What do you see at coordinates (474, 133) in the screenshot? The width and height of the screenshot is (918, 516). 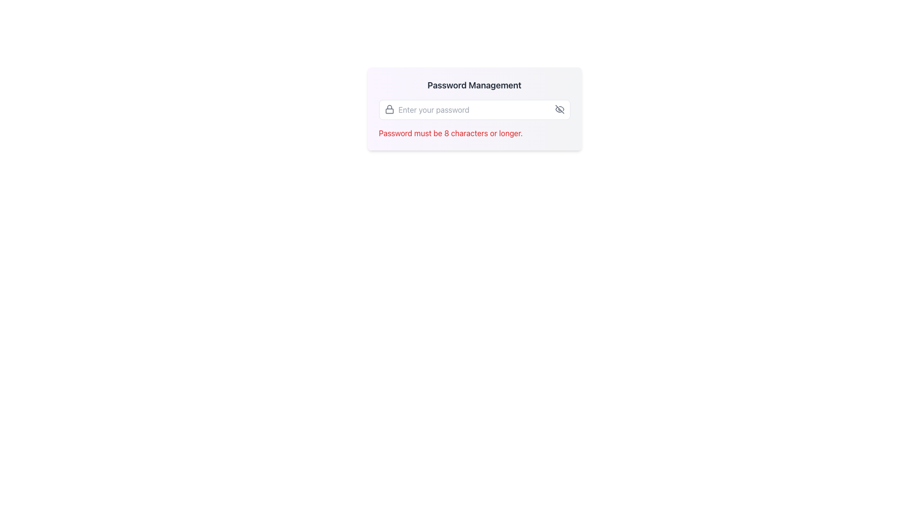 I see `error message displayed in red text that states 'Password must be 8 characters or longer.' located below the password input field in the 'Password Management' interface` at bounding box center [474, 133].